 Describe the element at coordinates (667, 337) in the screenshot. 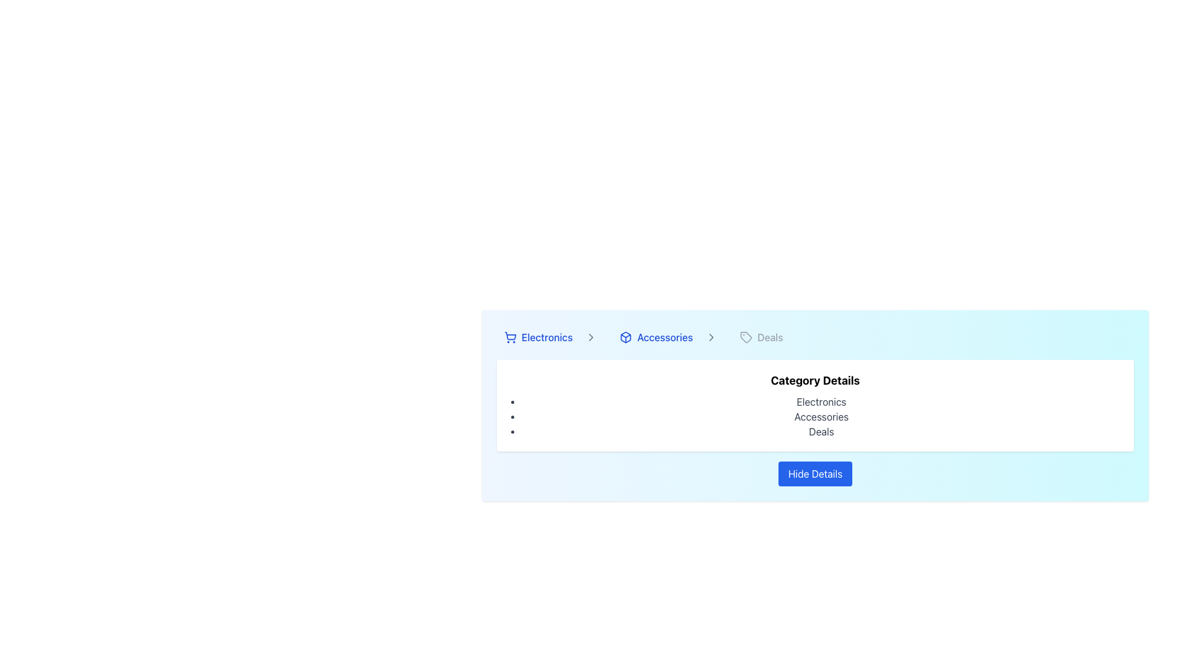

I see `the 'Accessories' breadcrumb navigation item, which is styled in blue font and located between 'Electronics' and 'Deals' in the breadcrumb navigation bar` at that location.